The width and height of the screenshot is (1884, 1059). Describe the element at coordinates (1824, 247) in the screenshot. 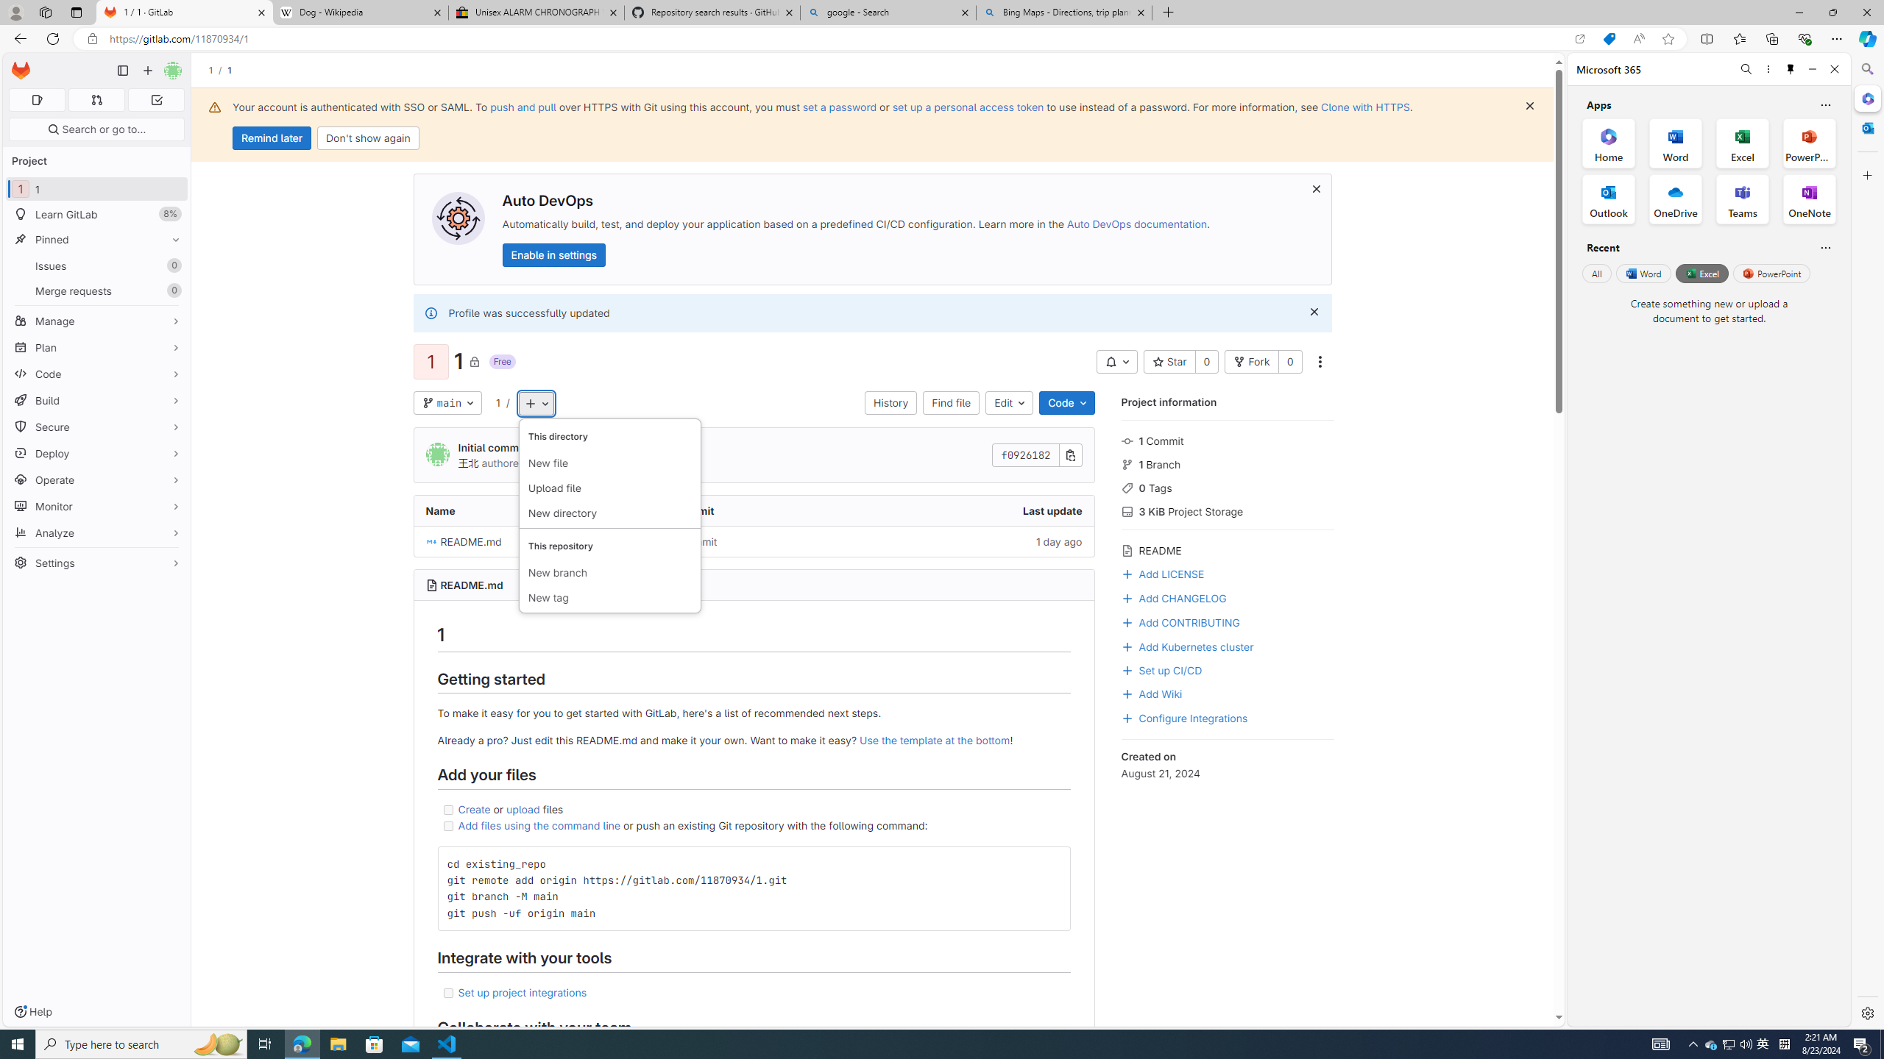

I see `'Is this helpful?'` at that location.